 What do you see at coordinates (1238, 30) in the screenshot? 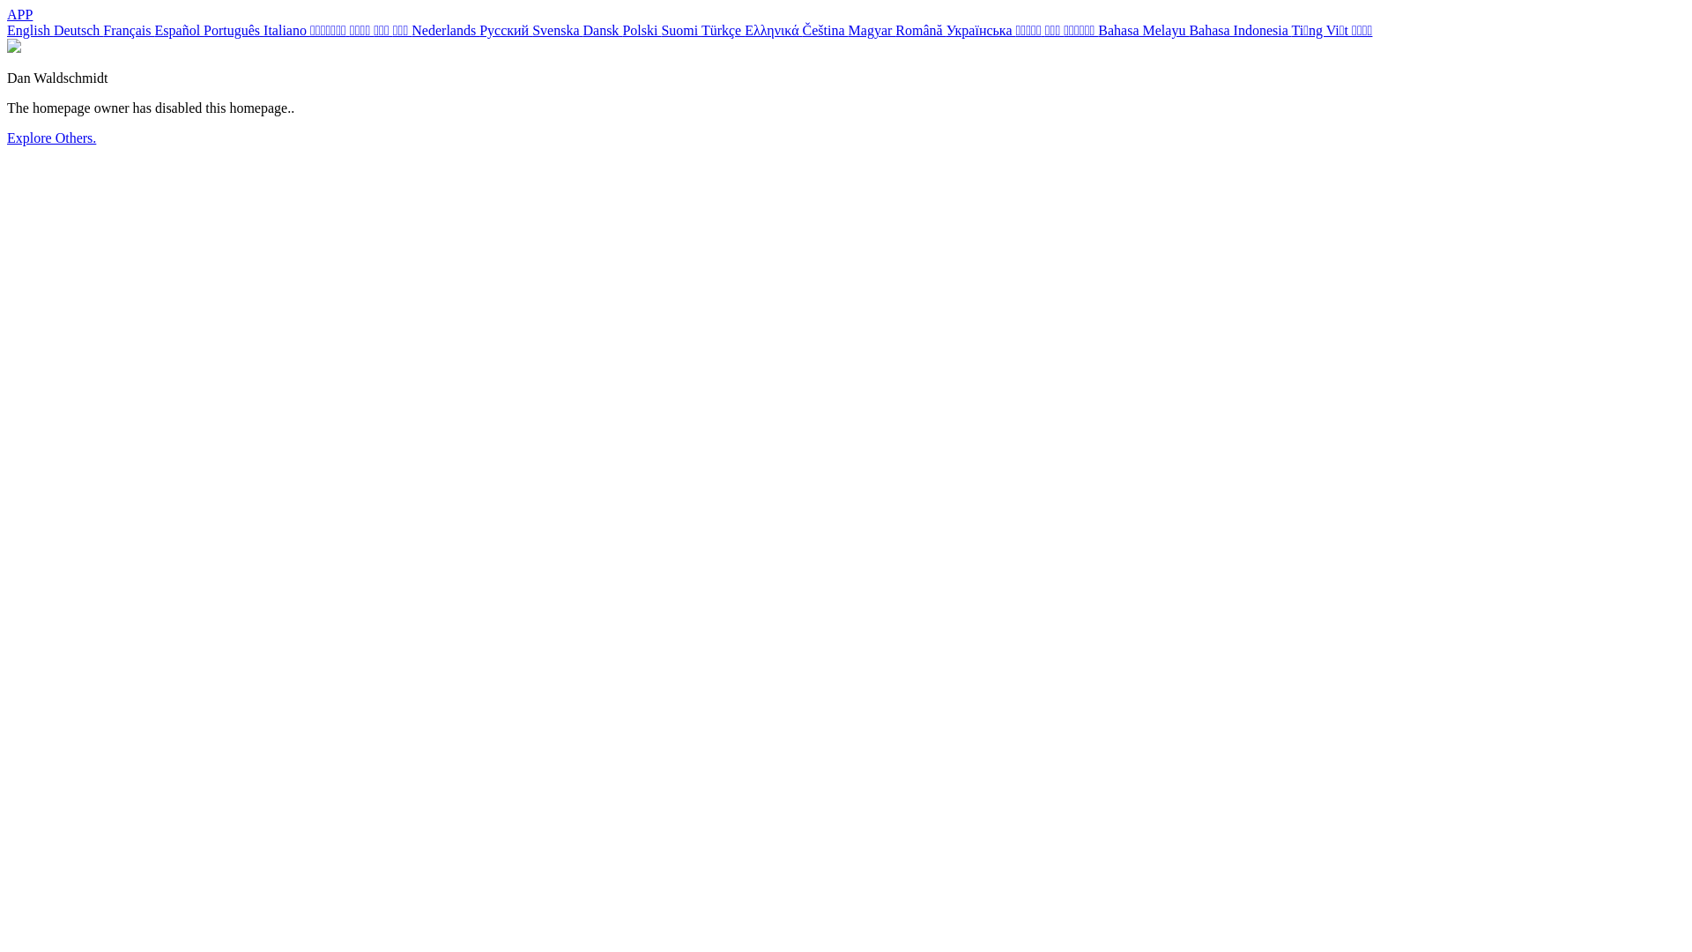
I see `'Bahasa Indonesia'` at bounding box center [1238, 30].